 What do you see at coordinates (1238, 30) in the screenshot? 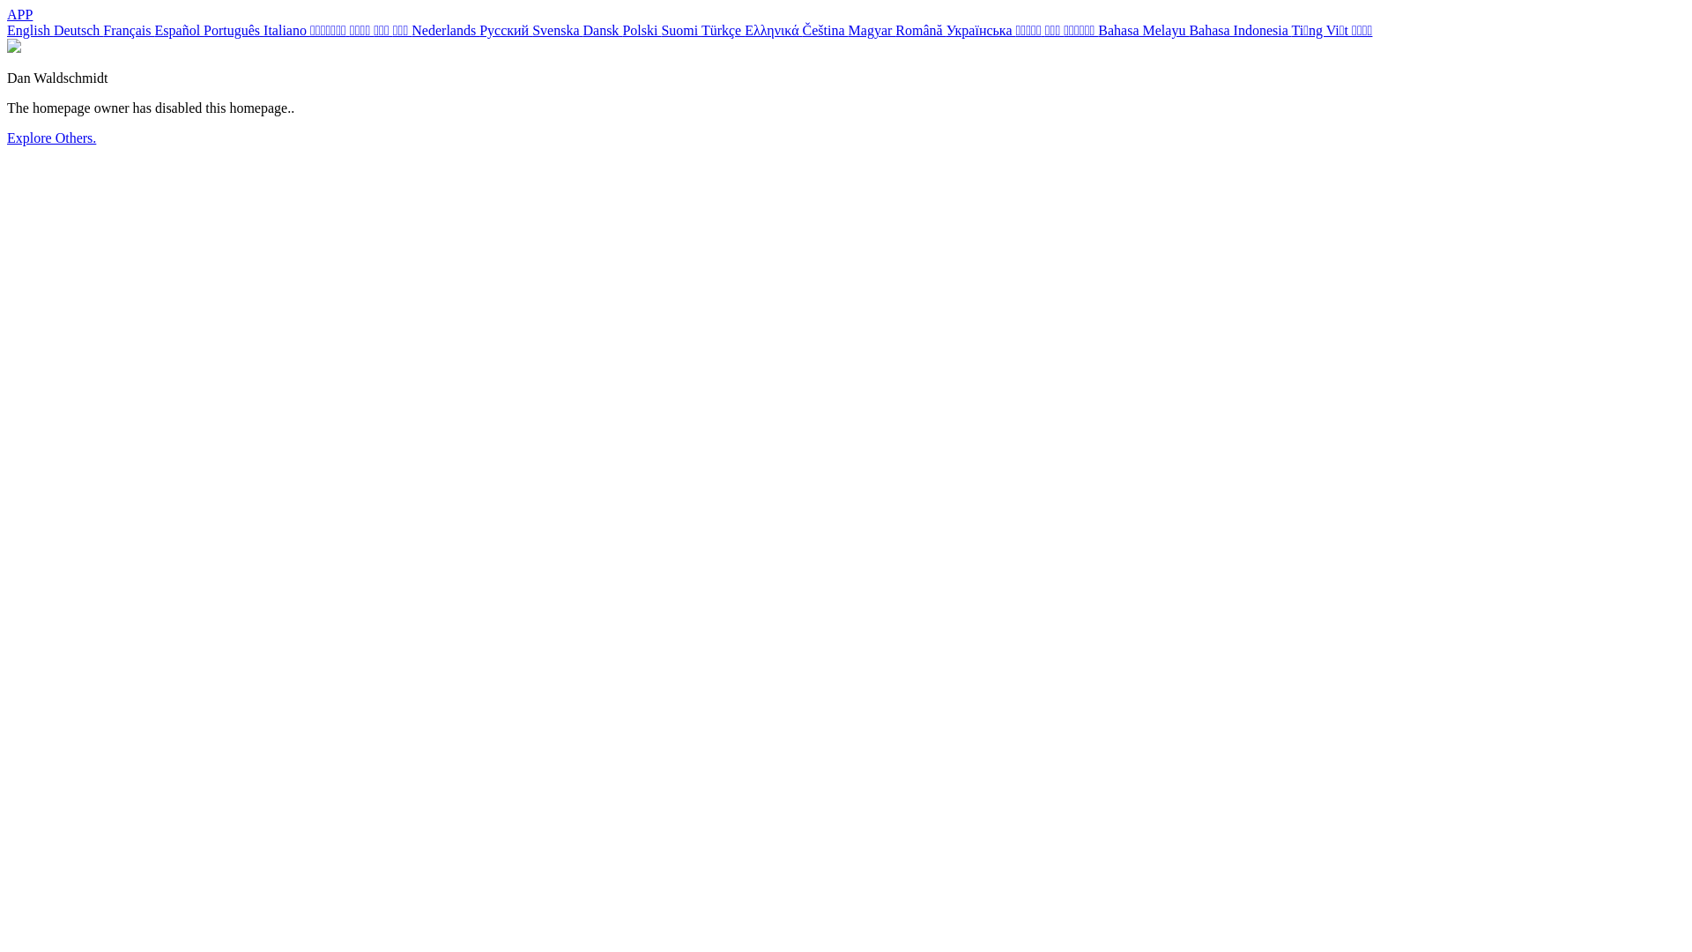
I see `'Bahasa Indonesia'` at bounding box center [1238, 30].